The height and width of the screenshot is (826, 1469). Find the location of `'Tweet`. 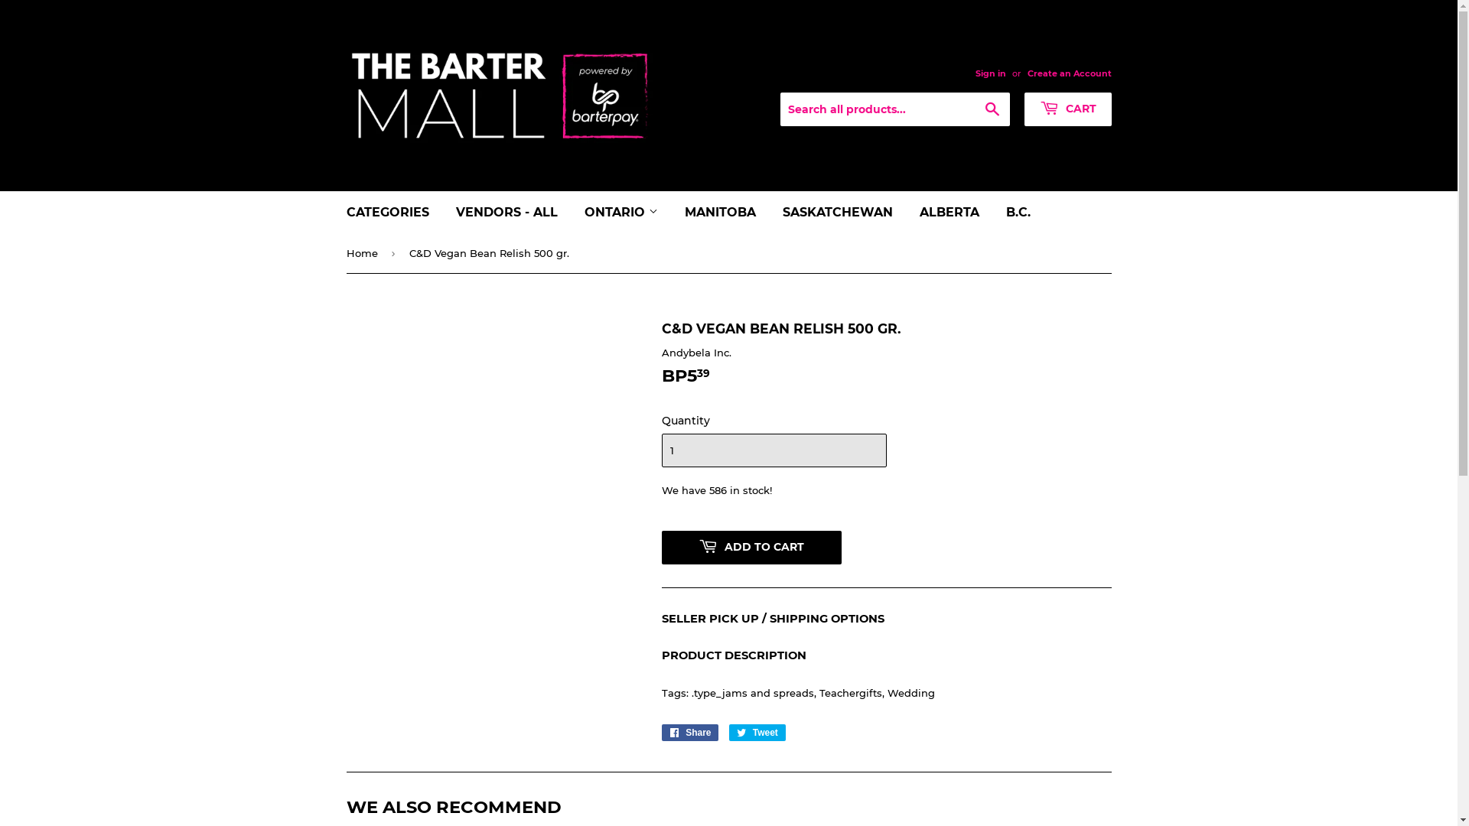

'Tweet is located at coordinates (757, 731).